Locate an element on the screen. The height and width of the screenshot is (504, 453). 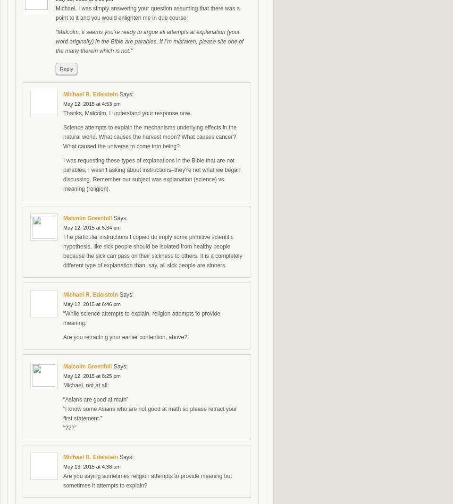
'“I know some Asians who are not good at math so please retract your first statement.”' is located at coordinates (150, 413).